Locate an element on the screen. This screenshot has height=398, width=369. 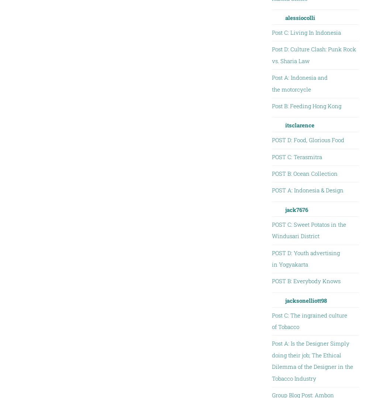
'itsclarence' is located at coordinates (299, 125).